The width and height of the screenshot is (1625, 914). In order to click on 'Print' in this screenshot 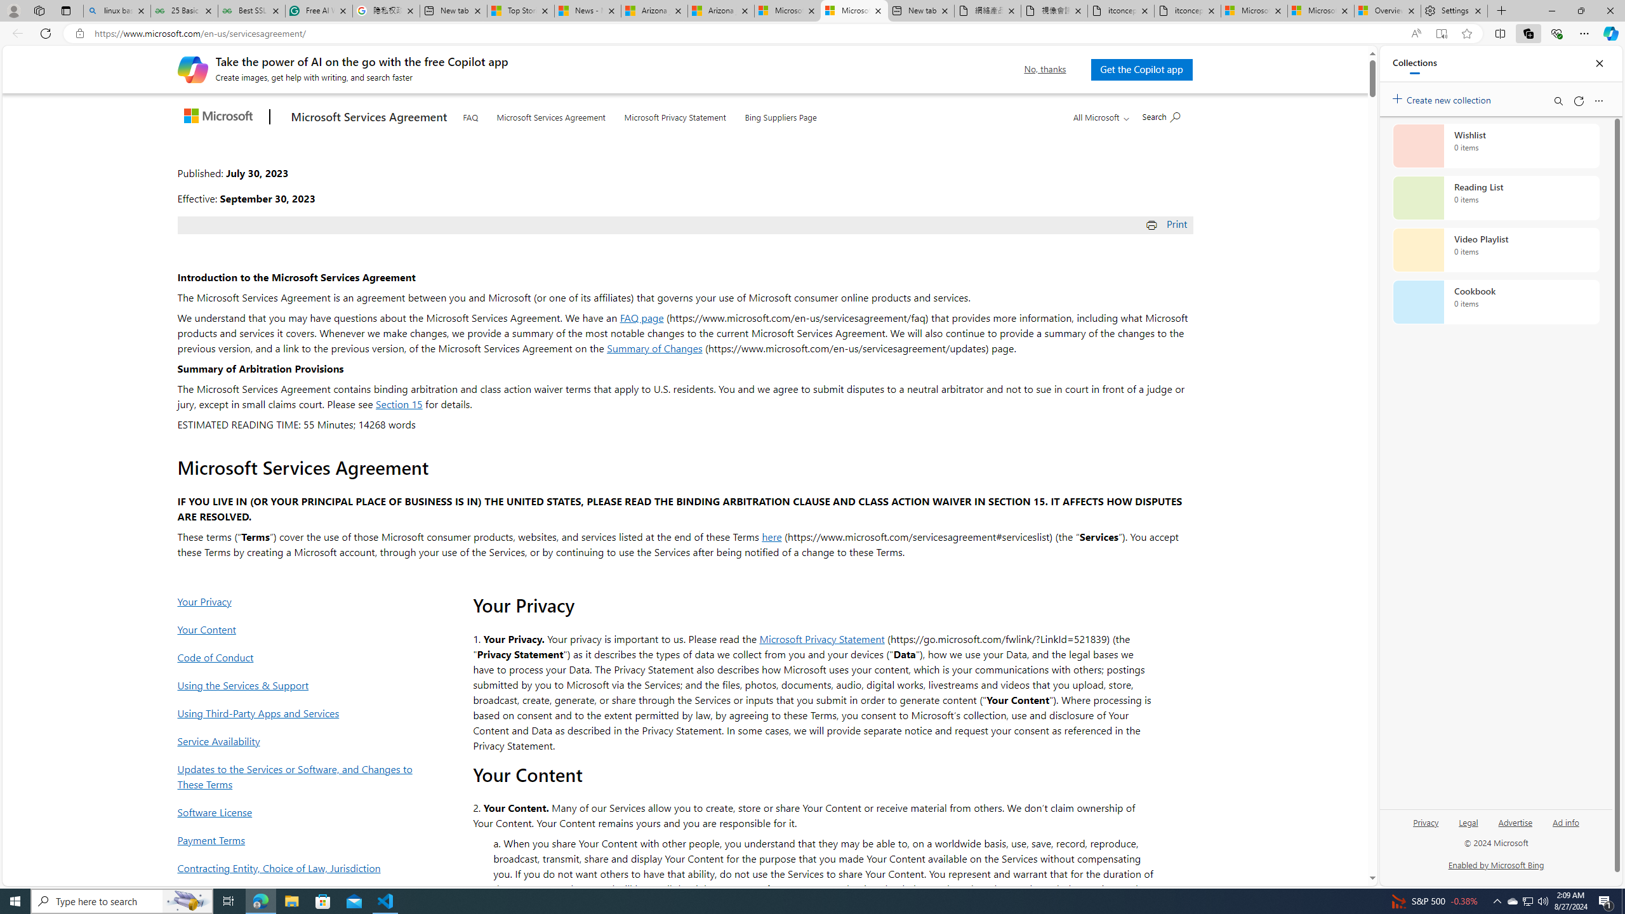, I will do `click(1167, 223)`.